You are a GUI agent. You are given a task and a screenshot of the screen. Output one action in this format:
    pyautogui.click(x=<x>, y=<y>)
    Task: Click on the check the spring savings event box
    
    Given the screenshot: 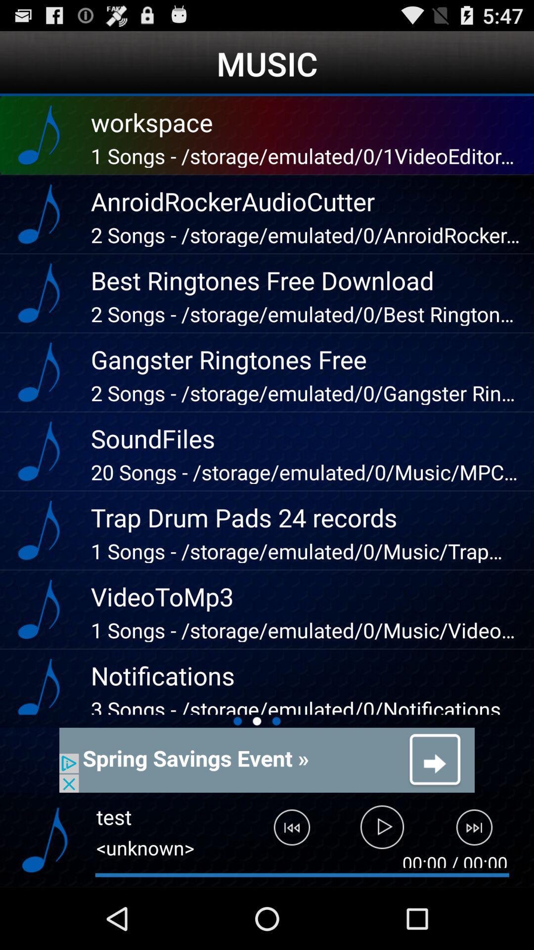 What is the action you would take?
    pyautogui.click(x=267, y=760)
    